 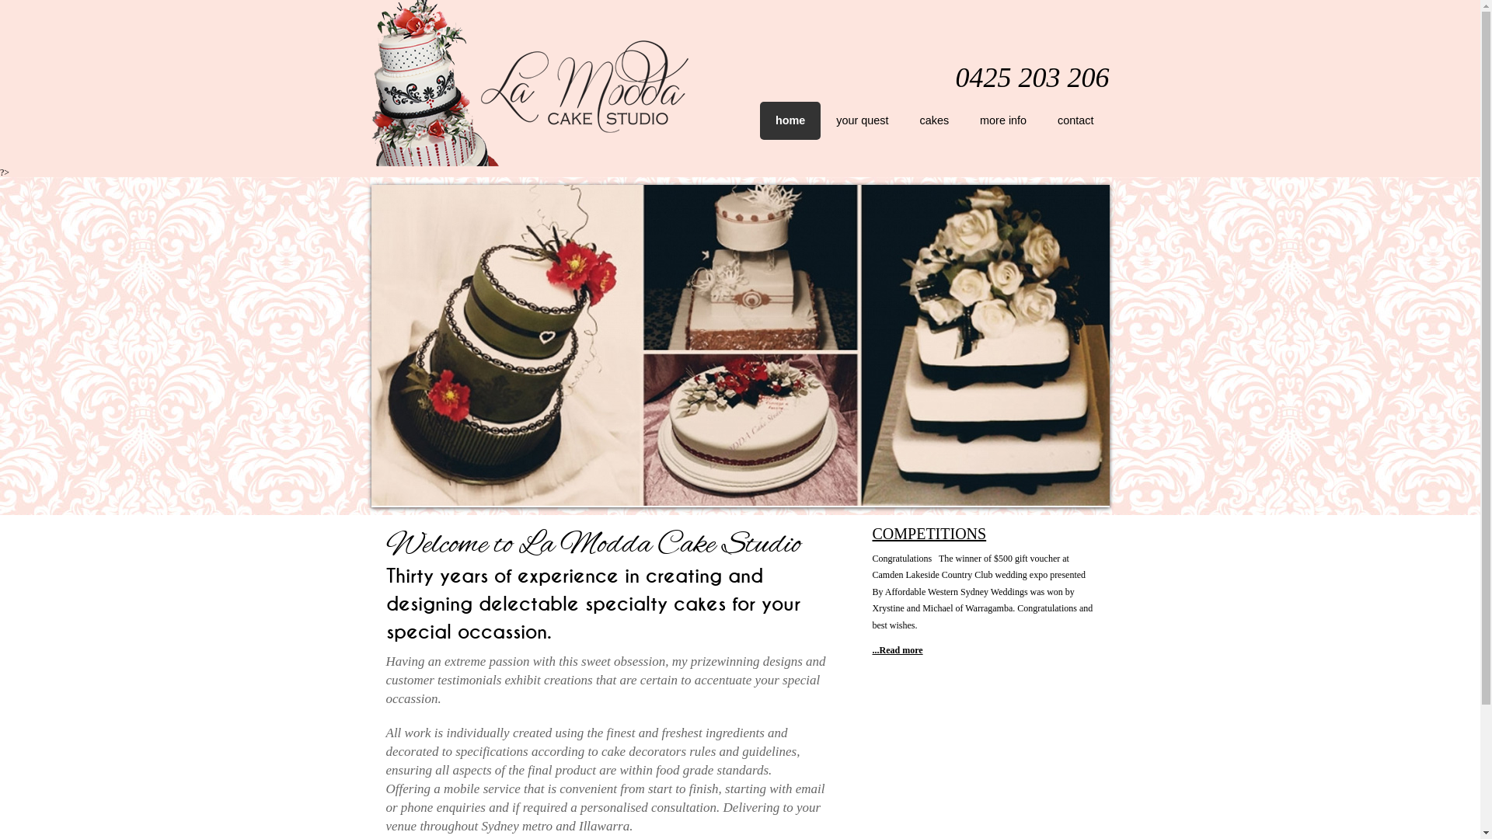 What do you see at coordinates (1074, 120) in the screenshot?
I see `'contact'` at bounding box center [1074, 120].